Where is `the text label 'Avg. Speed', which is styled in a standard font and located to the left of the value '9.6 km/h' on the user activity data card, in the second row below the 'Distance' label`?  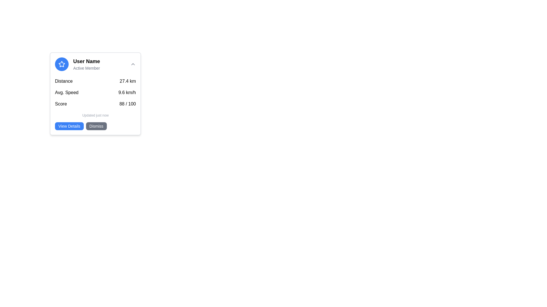 the text label 'Avg. Speed', which is styled in a standard font and located to the left of the value '9.6 km/h' on the user activity data card, in the second row below the 'Distance' label is located at coordinates (67, 92).